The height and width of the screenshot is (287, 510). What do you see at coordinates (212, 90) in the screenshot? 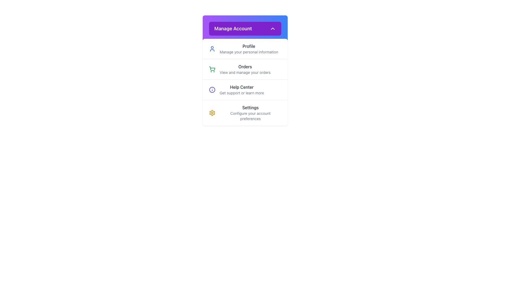
I see `the indigo circular 'info' icon located in the 'Help Center' row, which is aligned with the text 'Get support or learn more.'` at bounding box center [212, 90].